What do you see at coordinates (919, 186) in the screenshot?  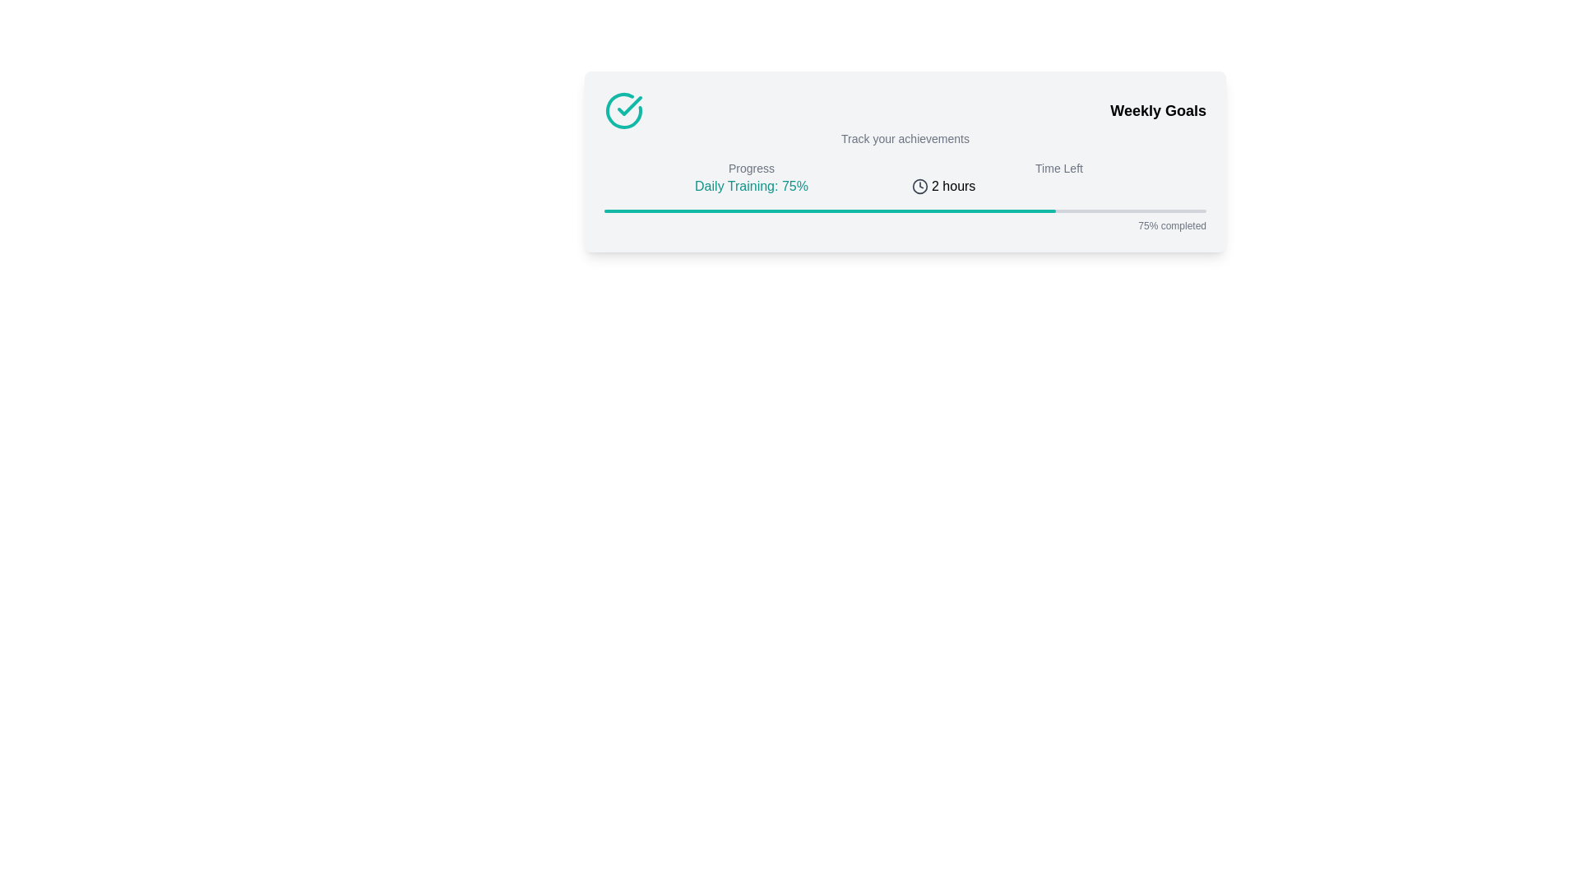 I see `the decorative and informative icon located to the left of the '2 hours' text in the 'Time Left' section of the interface` at bounding box center [919, 186].